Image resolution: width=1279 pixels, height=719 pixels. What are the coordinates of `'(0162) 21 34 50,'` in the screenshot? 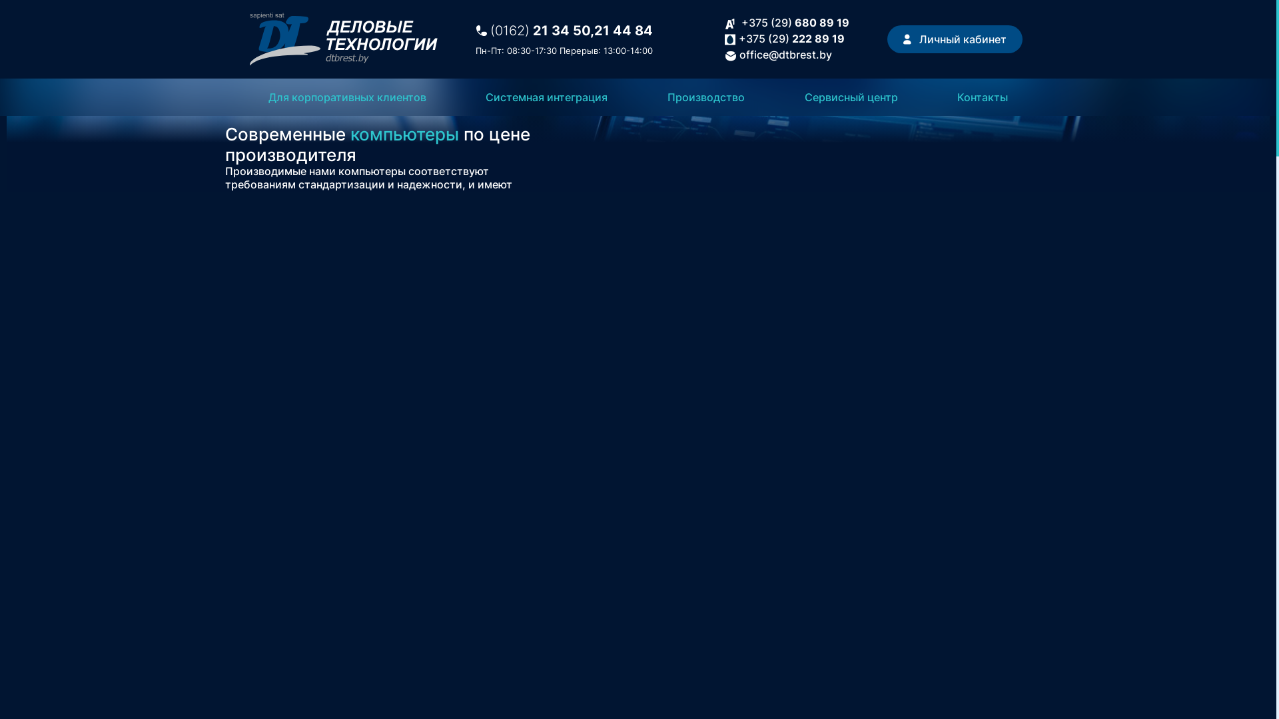 It's located at (542, 30).